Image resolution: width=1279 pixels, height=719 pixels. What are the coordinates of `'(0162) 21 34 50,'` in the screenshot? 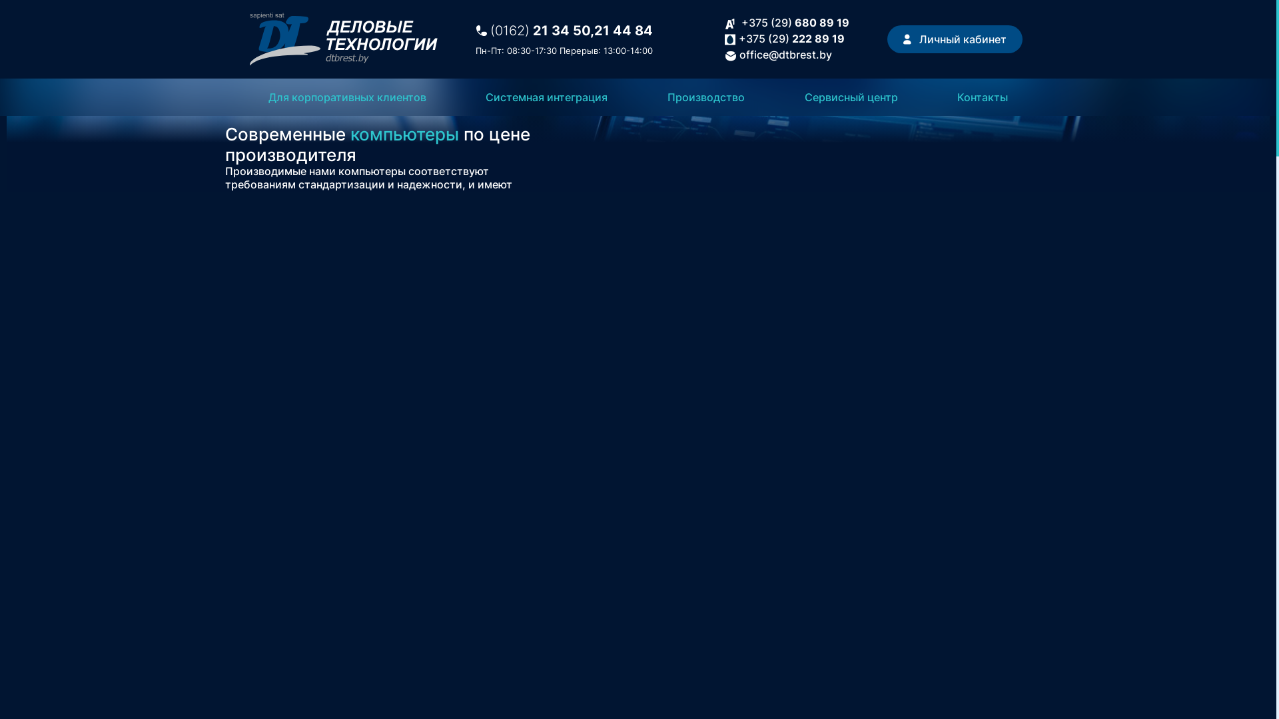 It's located at (542, 30).